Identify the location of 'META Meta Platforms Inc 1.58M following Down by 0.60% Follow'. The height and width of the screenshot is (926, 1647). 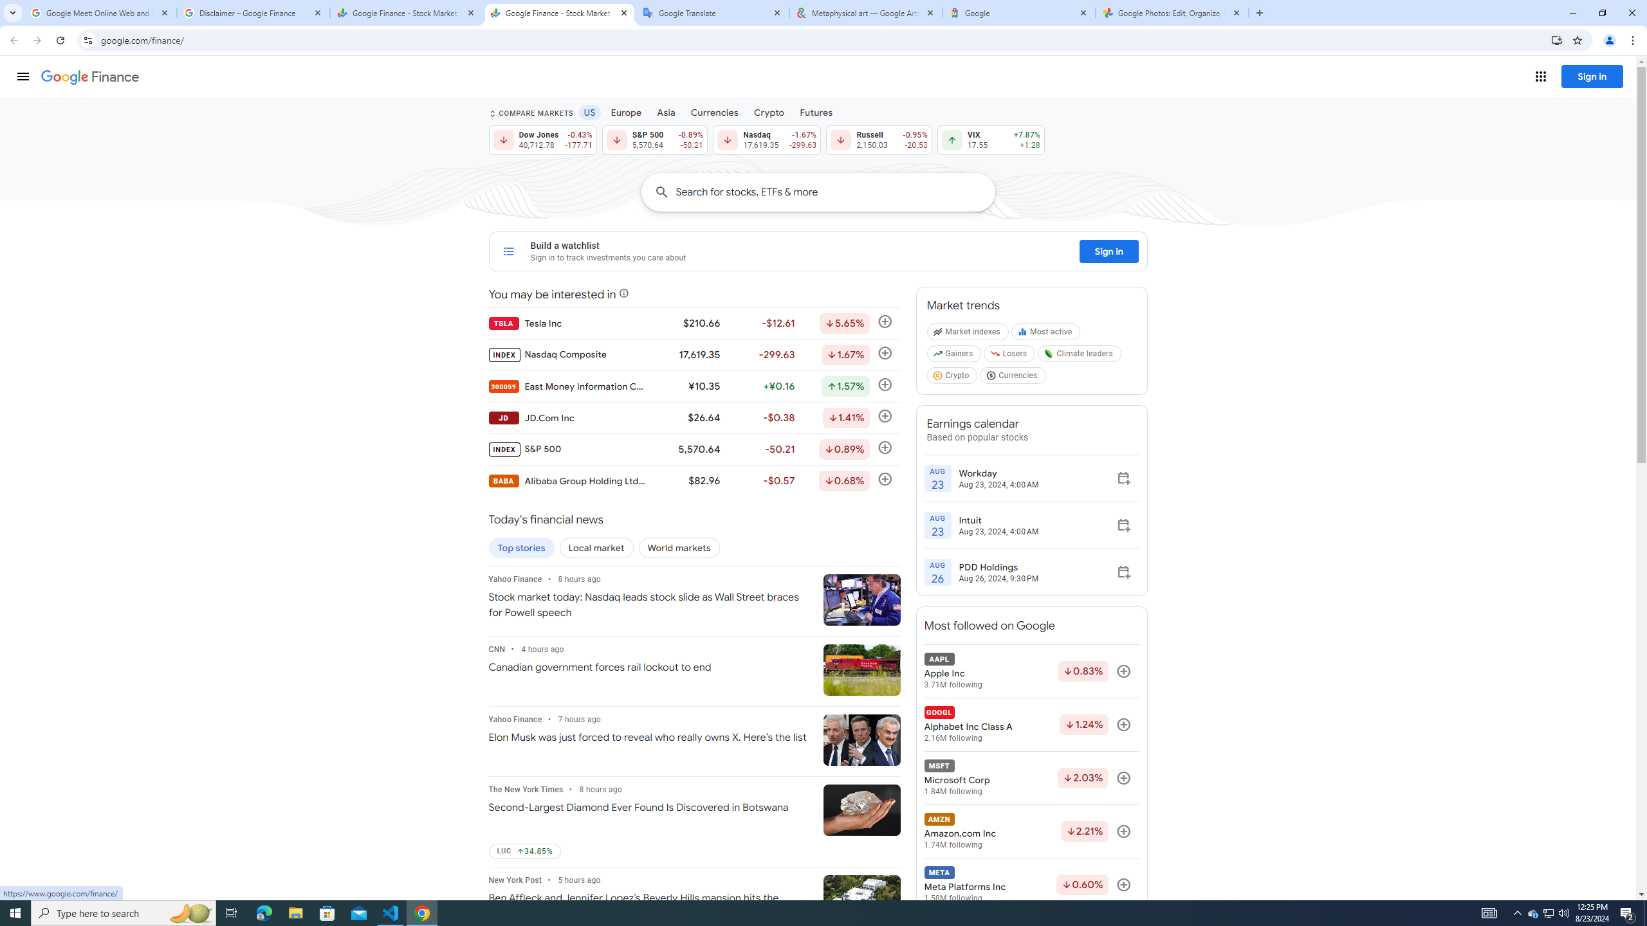
(1031, 884).